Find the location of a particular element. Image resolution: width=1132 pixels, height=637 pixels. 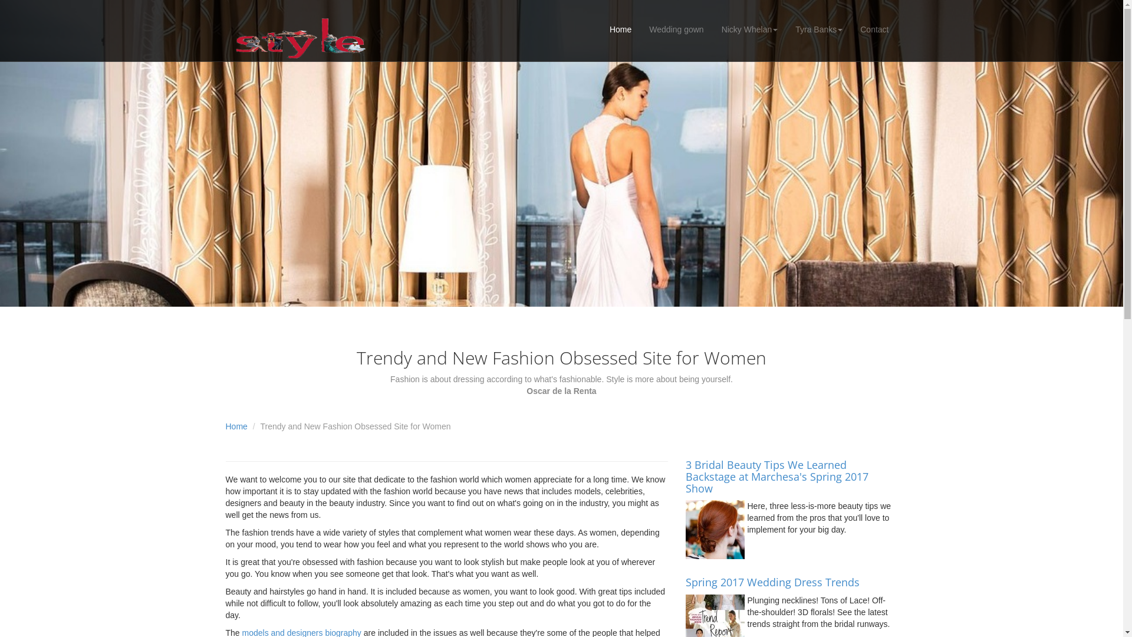

'Nicky Whelan' is located at coordinates (749, 29).